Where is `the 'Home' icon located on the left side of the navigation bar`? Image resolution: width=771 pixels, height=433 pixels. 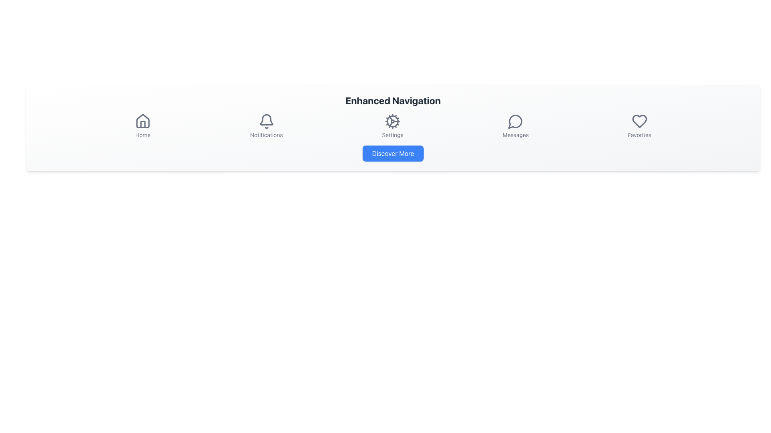 the 'Home' icon located on the left side of the navigation bar is located at coordinates (143, 121).